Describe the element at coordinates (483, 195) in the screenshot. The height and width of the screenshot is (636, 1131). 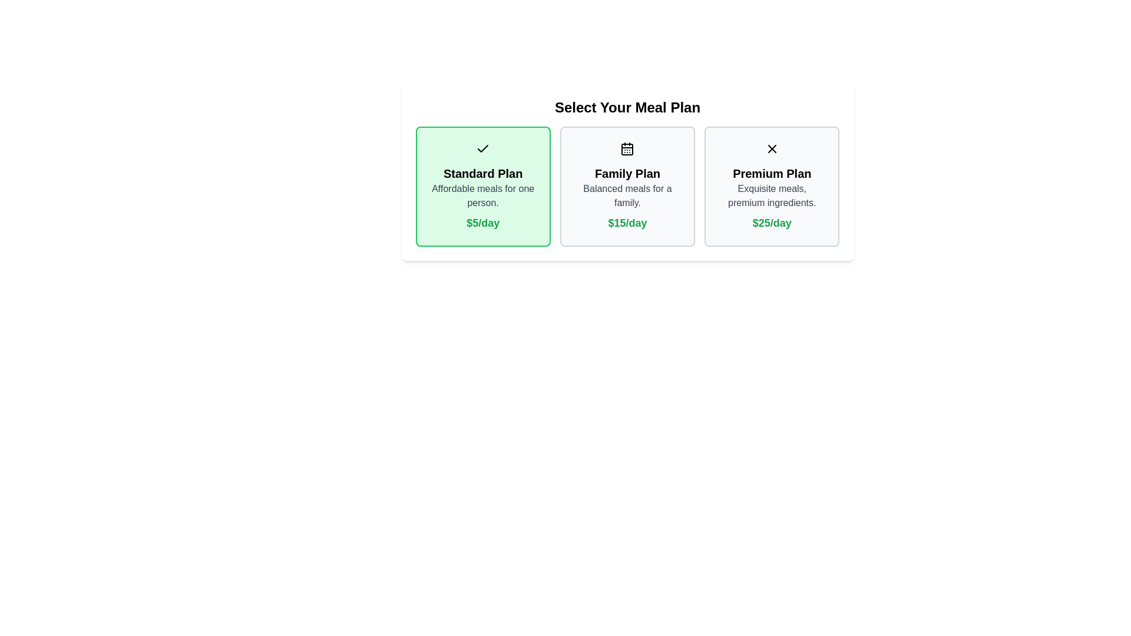
I see `descriptive text about the 'Standard Plan' located in the green-highlighted card, below the bold 'Standard Plan' title and above the pricing information` at that location.